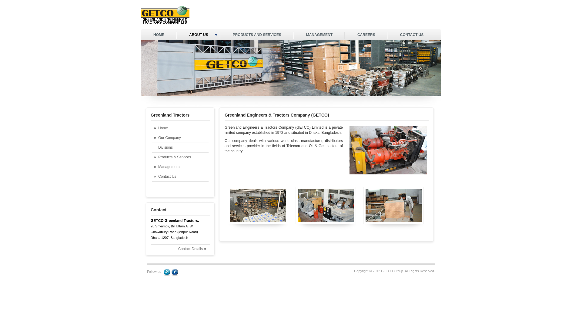 The width and height of the screenshot is (582, 327). I want to click on 'ABOUT US', so click(198, 35).